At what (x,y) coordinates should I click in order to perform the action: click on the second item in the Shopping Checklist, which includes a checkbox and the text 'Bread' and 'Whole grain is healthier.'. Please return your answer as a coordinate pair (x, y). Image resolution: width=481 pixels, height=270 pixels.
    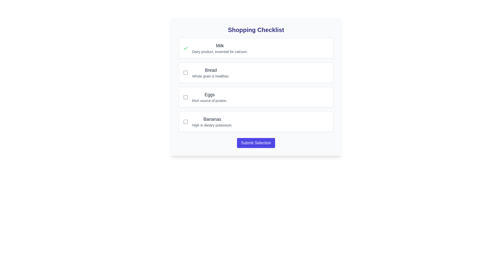
    Looking at the image, I should click on (206, 72).